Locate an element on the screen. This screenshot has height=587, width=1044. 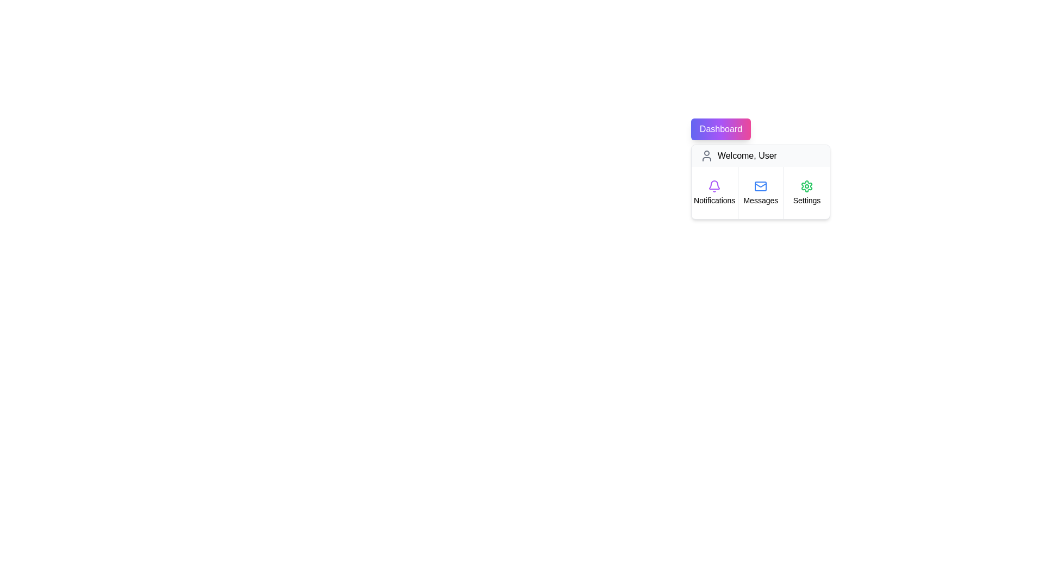
'Messages' button in the dropdown menu is located at coordinates (760, 192).